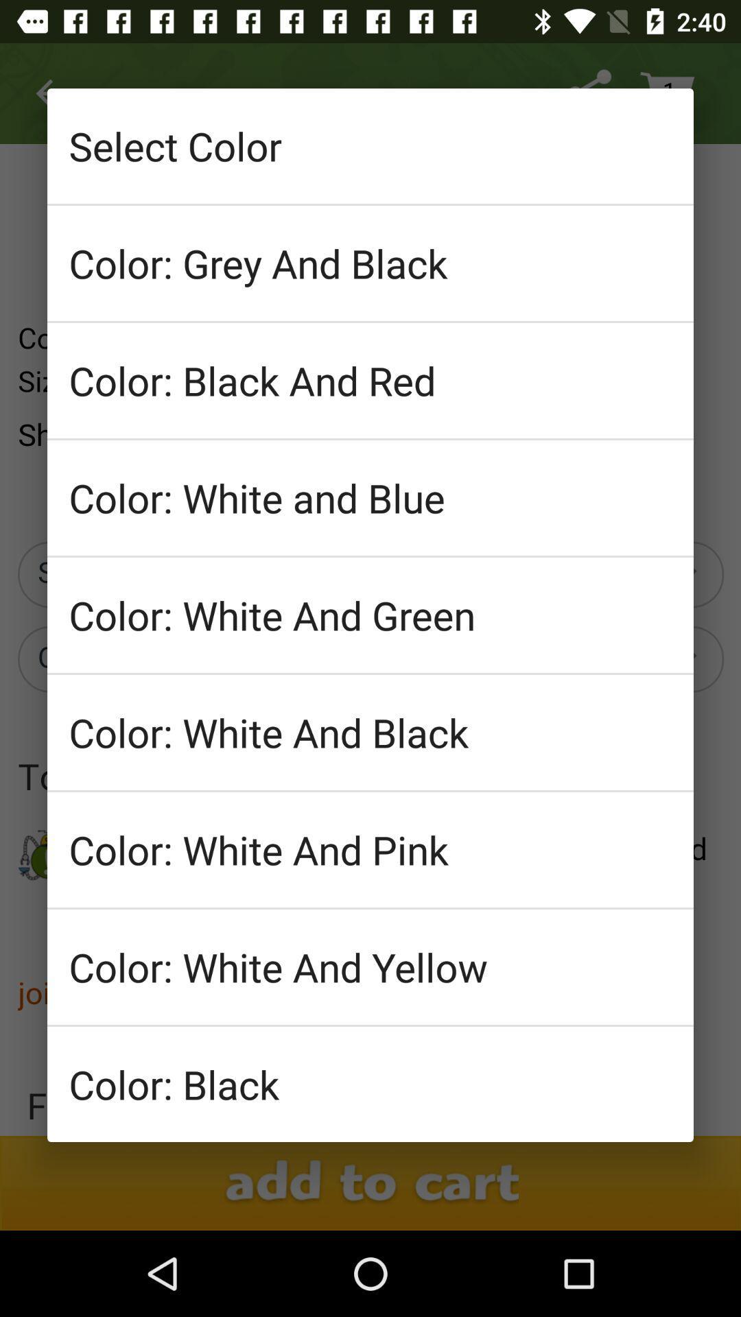 Image resolution: width=741 pixels, height=1317 pixels. Describe the element at coordinates (370, 145) in the screenshot. I see `the select color icon` at that location.